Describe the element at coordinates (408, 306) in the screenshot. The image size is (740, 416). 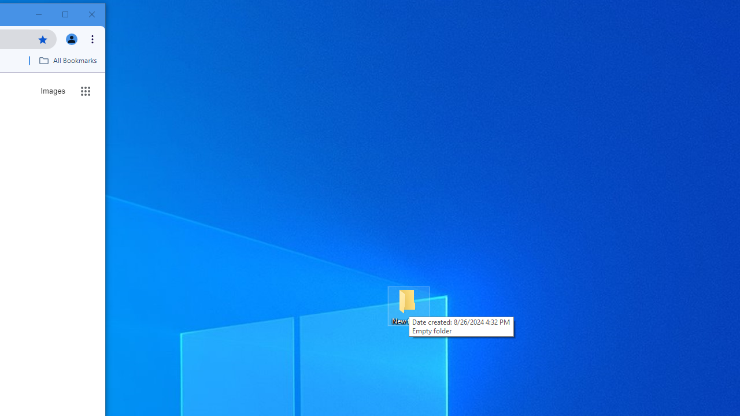
I see `'New folder'` at that location.